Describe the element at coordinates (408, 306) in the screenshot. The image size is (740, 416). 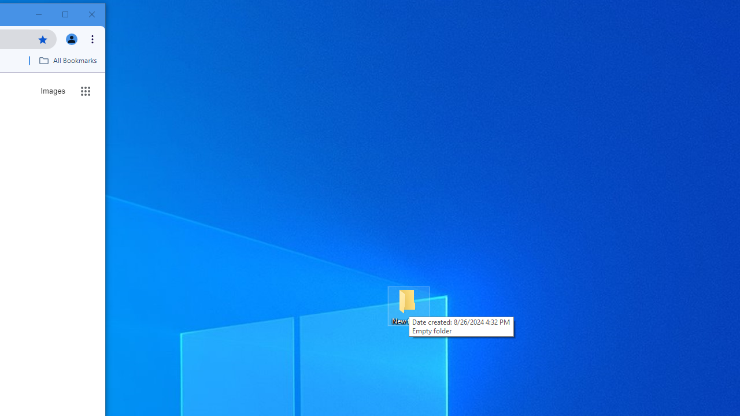
I see `'New folder'` at that location.